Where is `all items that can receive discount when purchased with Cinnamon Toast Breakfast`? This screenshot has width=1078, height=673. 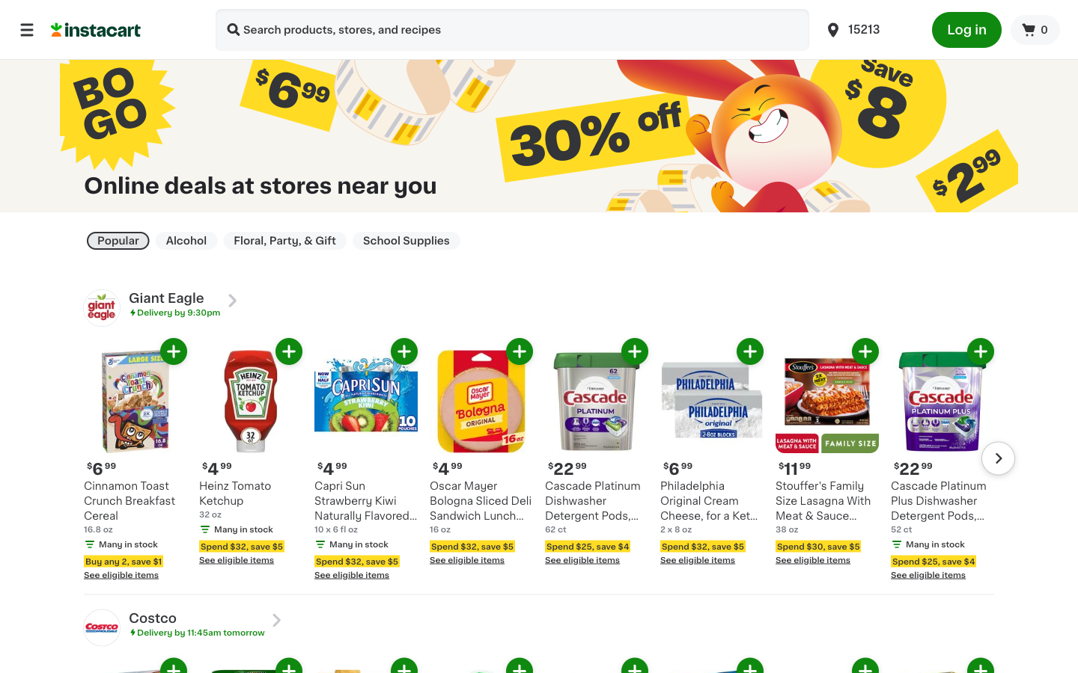
all items that can receive discount when purchased with Cinnamon Toast Breakfast is located at coordinates (156, 585).